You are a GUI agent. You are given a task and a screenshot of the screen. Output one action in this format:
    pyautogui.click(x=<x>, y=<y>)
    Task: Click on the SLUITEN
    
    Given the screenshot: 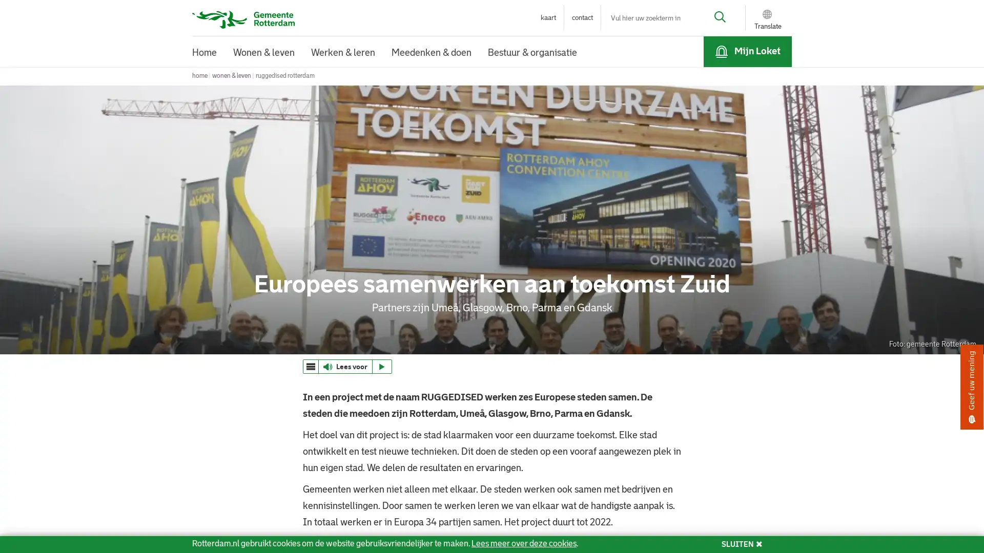 What is the action you would take?
    pyautogui.click(x=742, y=544)
    